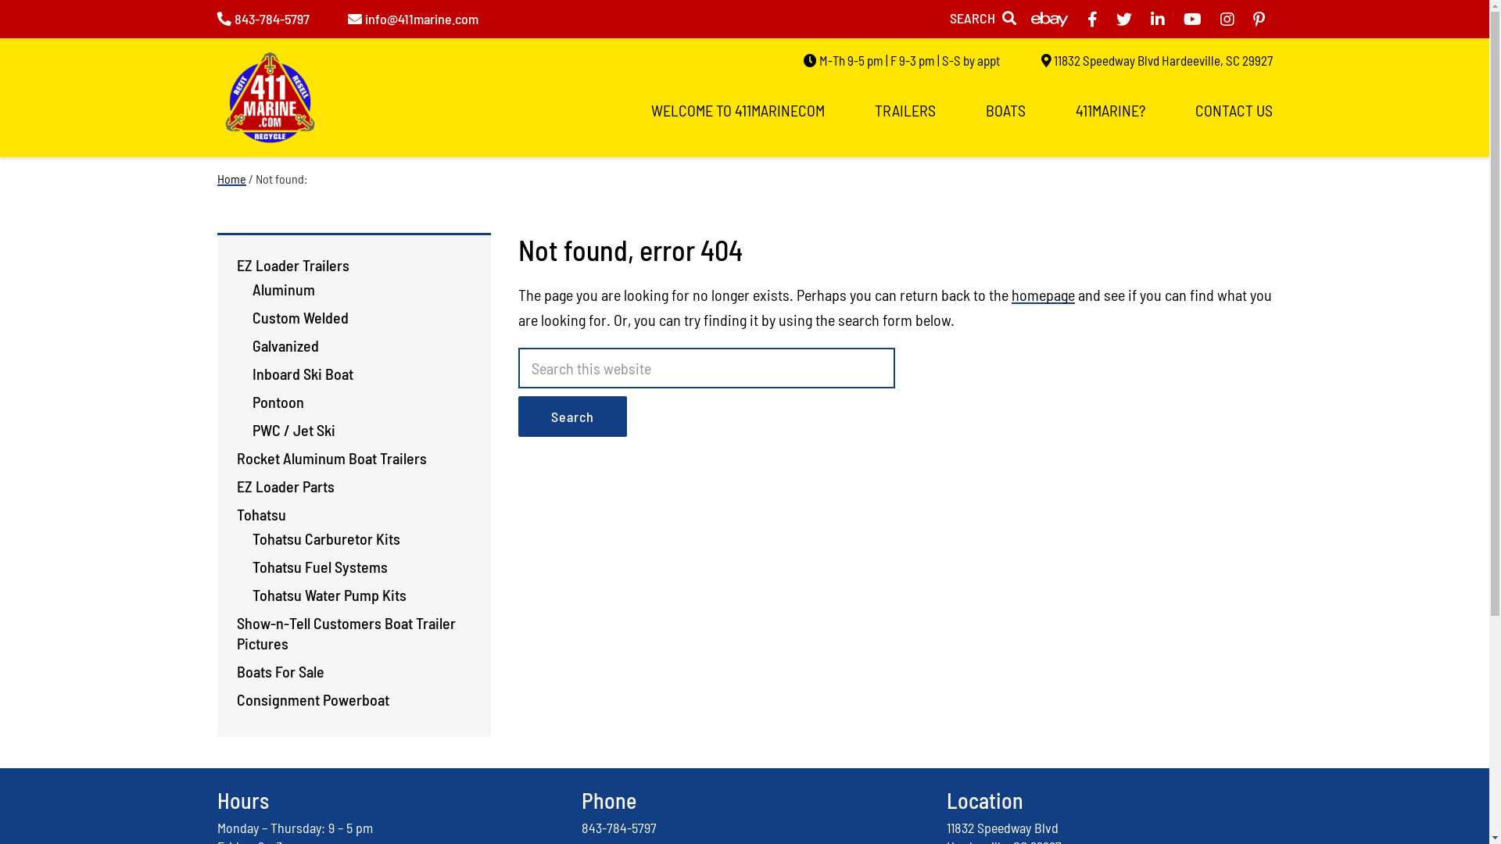  I want to click on 'Instagram', so click(1219, 19).